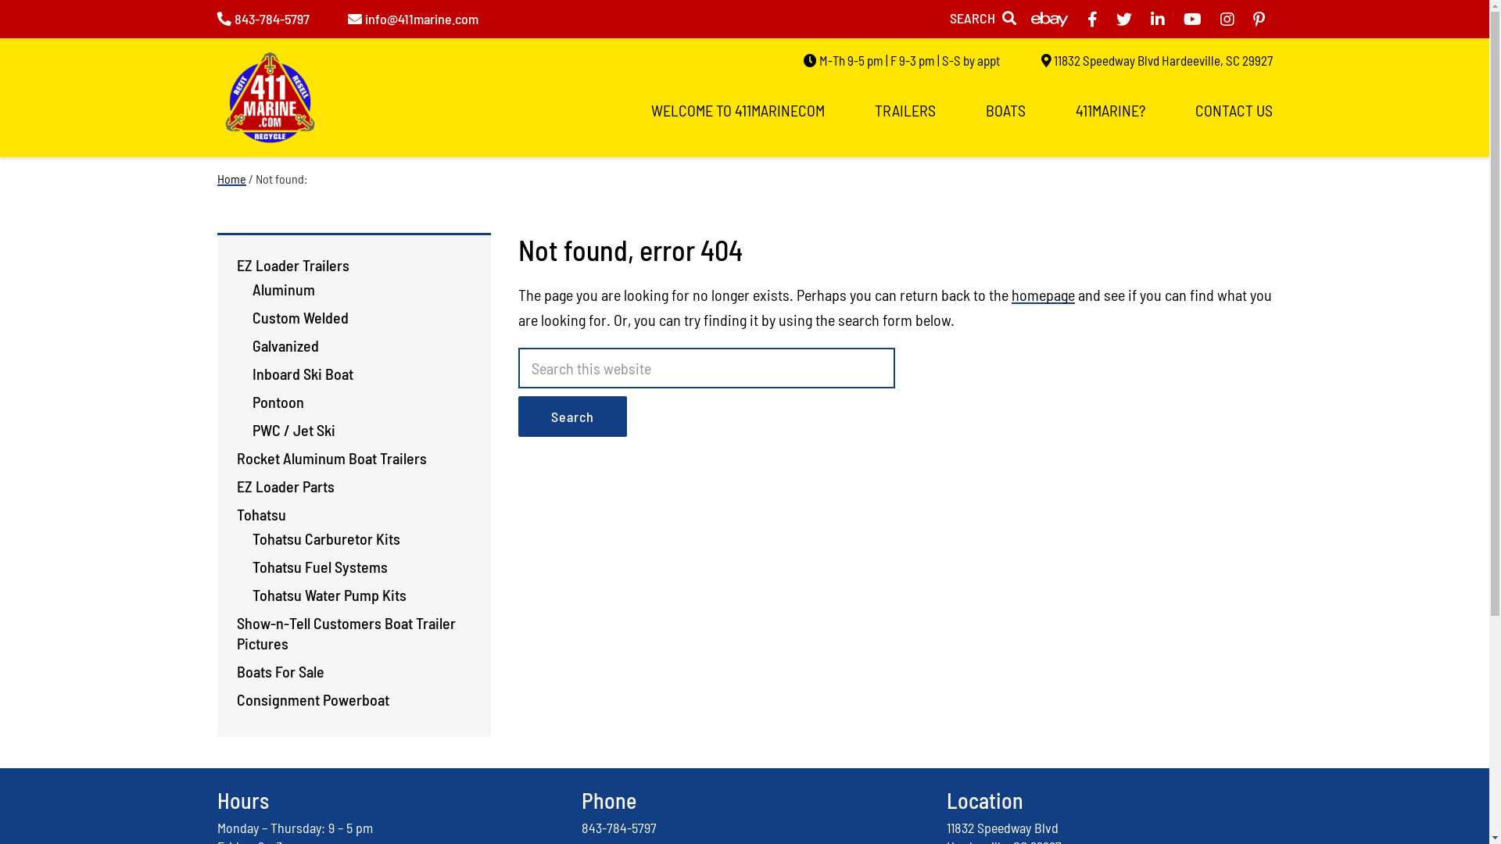  I want to click on 'Instagram', so click(1219, 19).